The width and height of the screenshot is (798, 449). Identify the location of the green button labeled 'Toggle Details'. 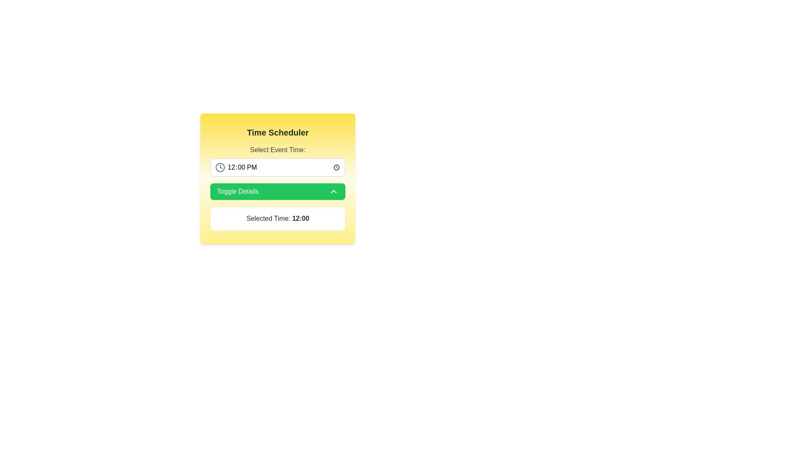
(278, 187).